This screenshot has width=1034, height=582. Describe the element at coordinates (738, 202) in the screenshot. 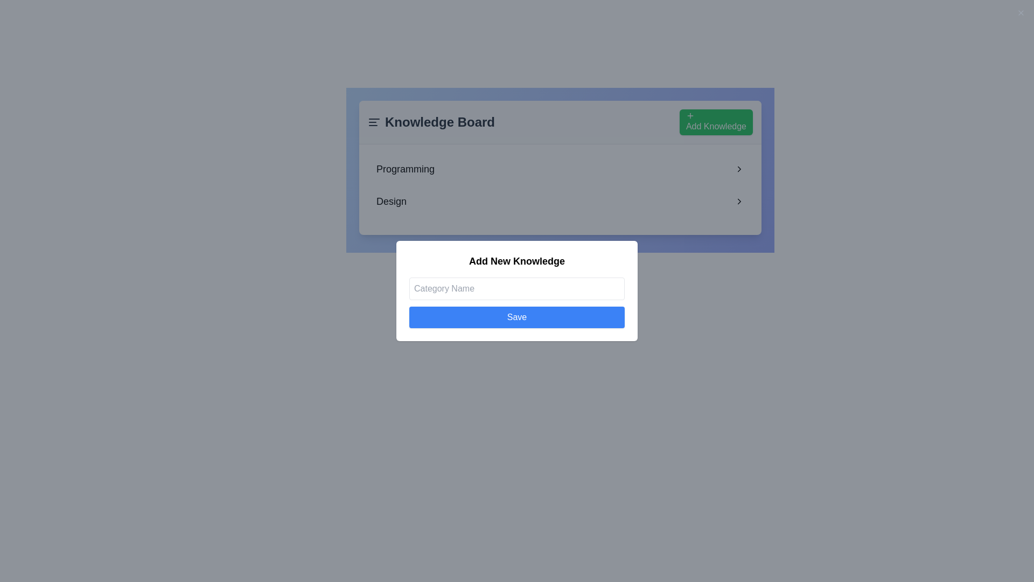

I see `the chevron icon located to the right of the 'Design' text` at that location.